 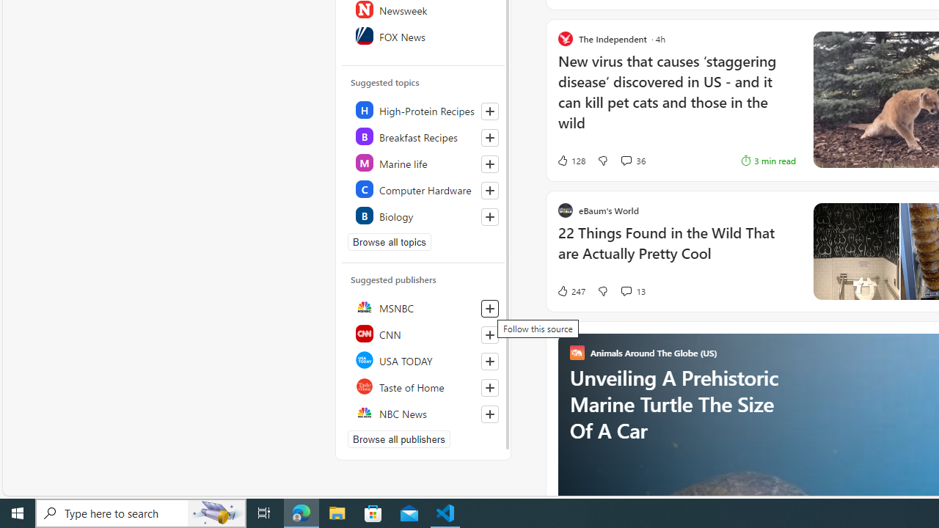 What do you see at coordinates (399, 439) in the screenshot?
I see `'Browse all publishers'` at bounding box center [399, 439].